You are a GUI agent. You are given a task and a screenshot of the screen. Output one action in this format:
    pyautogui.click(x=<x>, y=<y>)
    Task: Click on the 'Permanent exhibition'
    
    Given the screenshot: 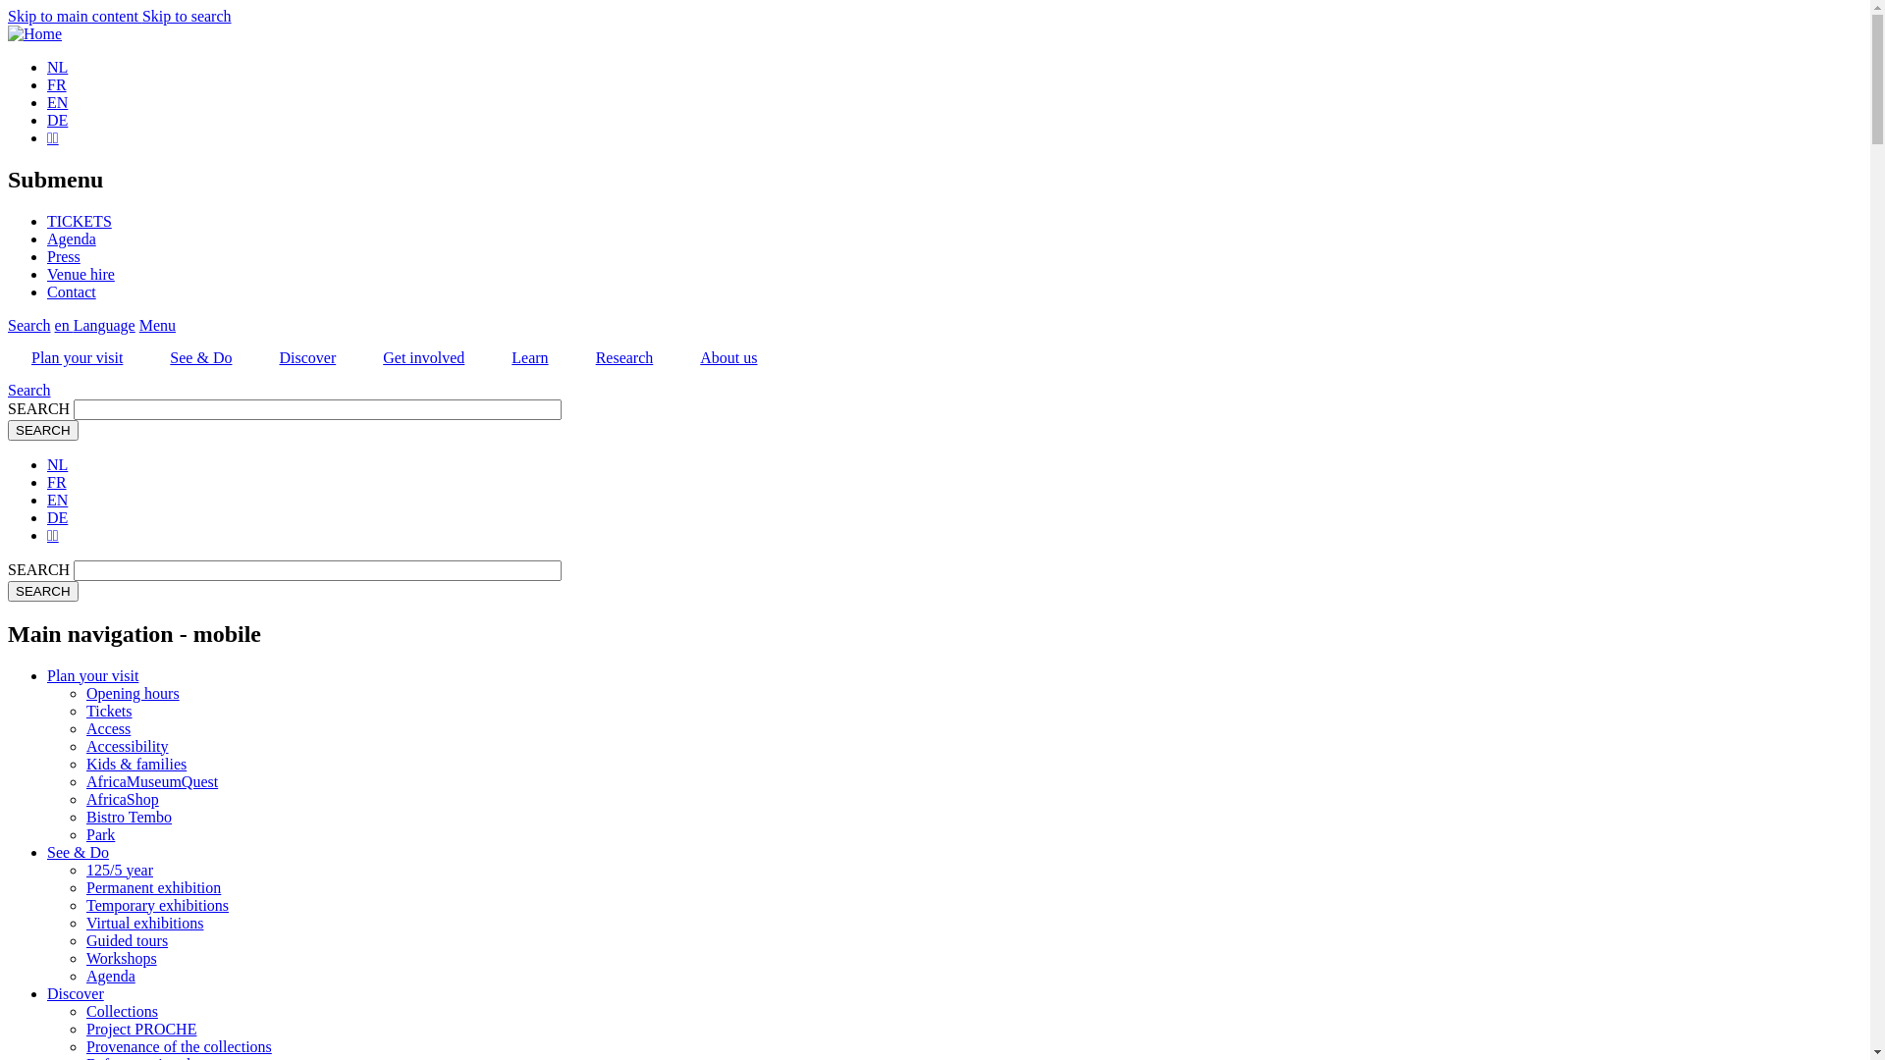 What is the action you would take?
    pyautogui.click(x=84, y=887)
    